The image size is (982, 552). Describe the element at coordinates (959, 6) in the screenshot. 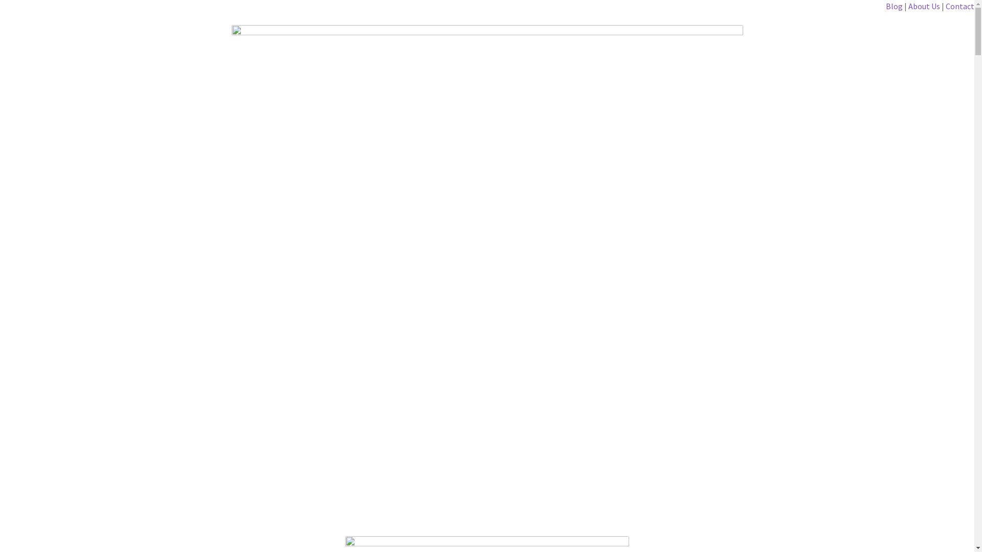

I see `'Contact'` at that location.